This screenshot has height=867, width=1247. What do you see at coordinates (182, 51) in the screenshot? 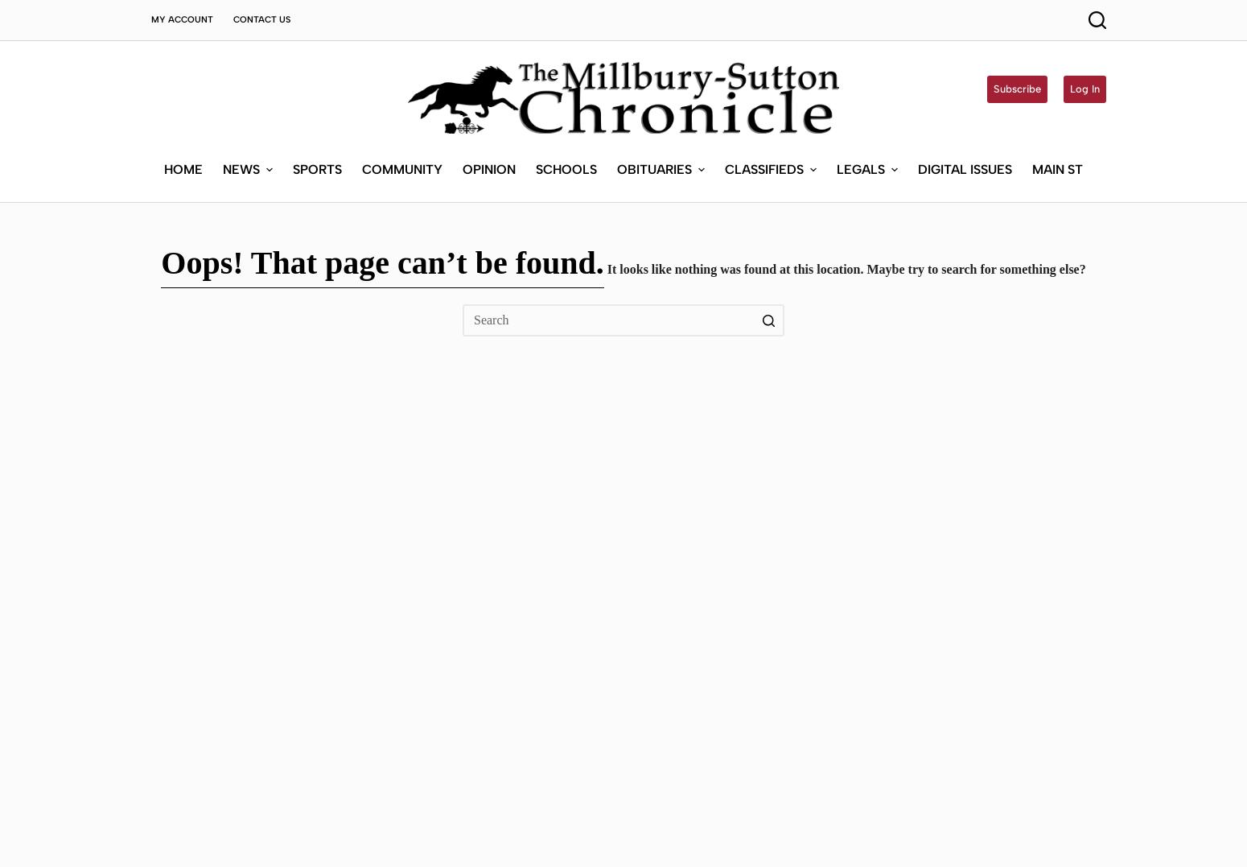
I see `'Home'` at bounding box center [182, 51].